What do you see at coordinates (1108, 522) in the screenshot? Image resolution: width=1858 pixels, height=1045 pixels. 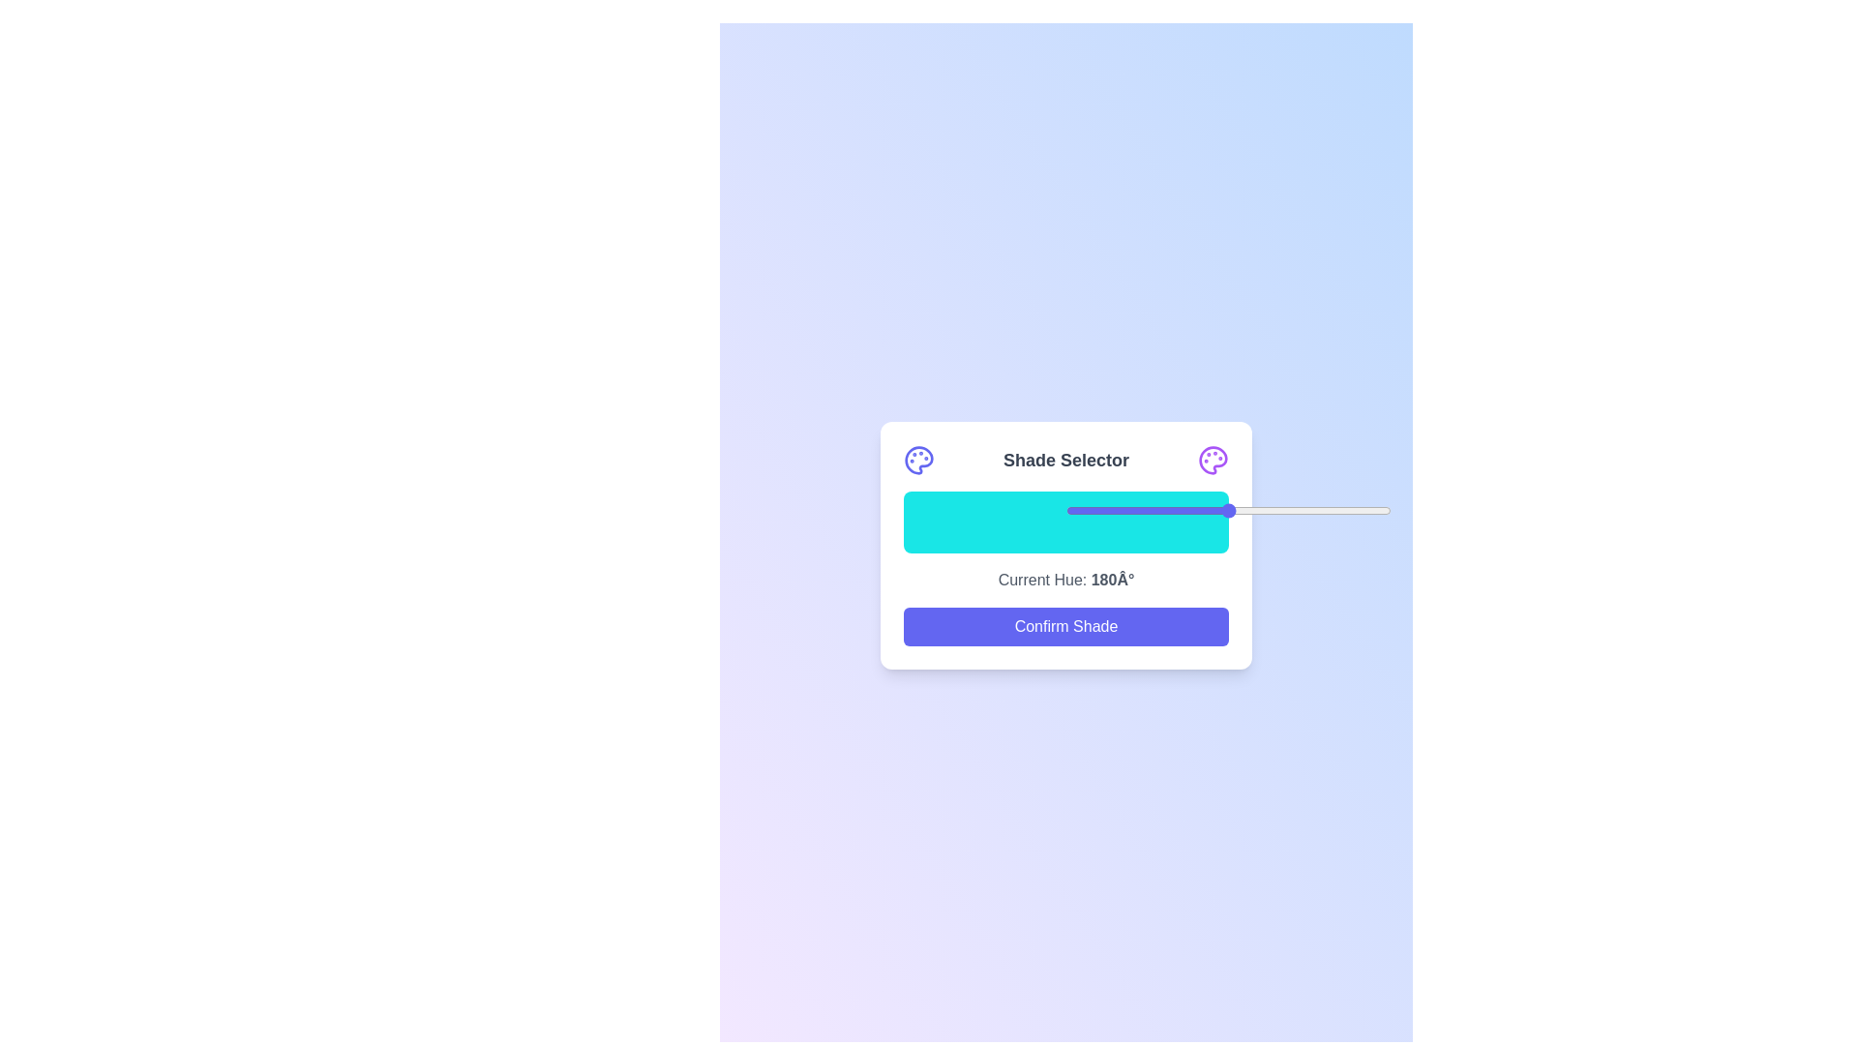 I see `the shade slider to 63 to observe the corresponding color` at bounding box center [1108, 522].